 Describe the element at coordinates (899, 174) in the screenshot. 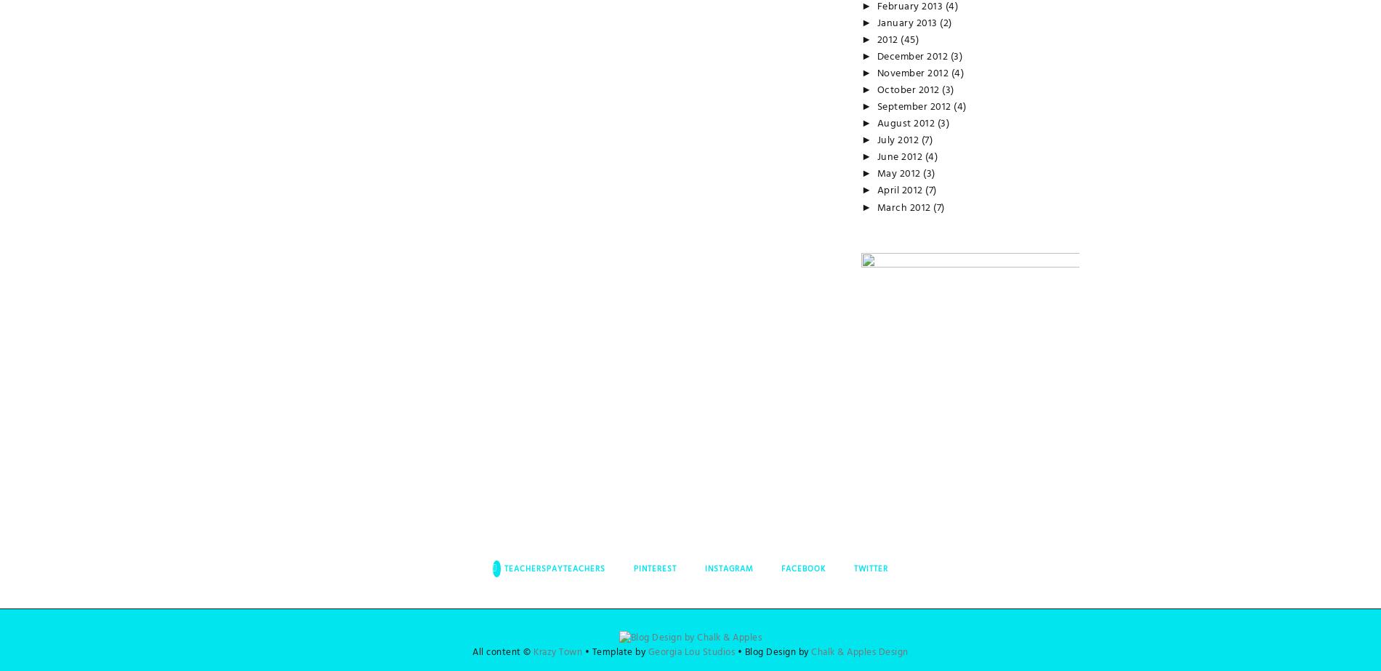

I see `'May 2012'` at that location.